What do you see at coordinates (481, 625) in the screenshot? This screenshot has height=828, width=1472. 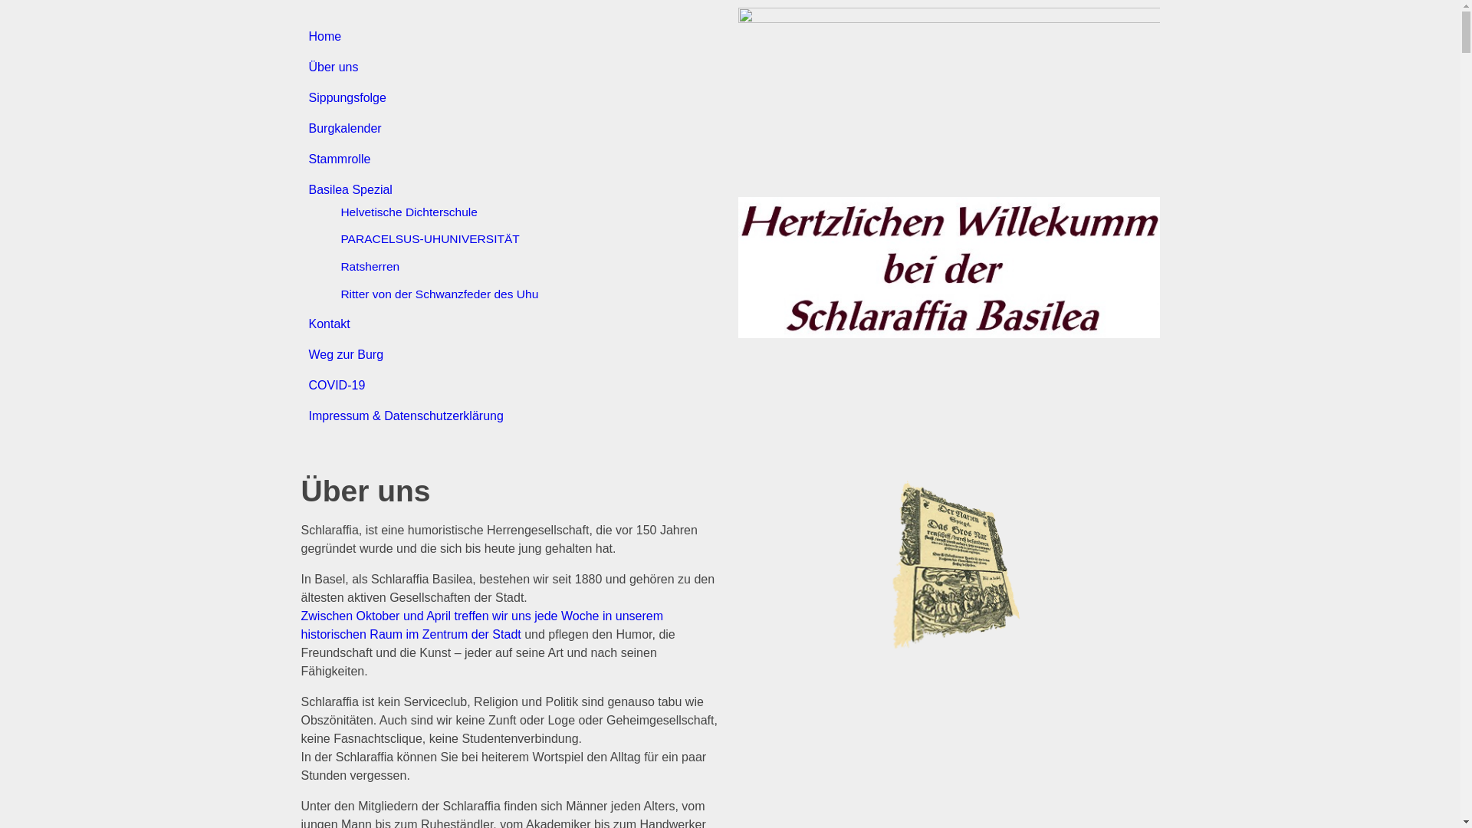 I see `'in unserem historischen Raum im Zentrum der Stadt'` at bounding box center [481, 625].